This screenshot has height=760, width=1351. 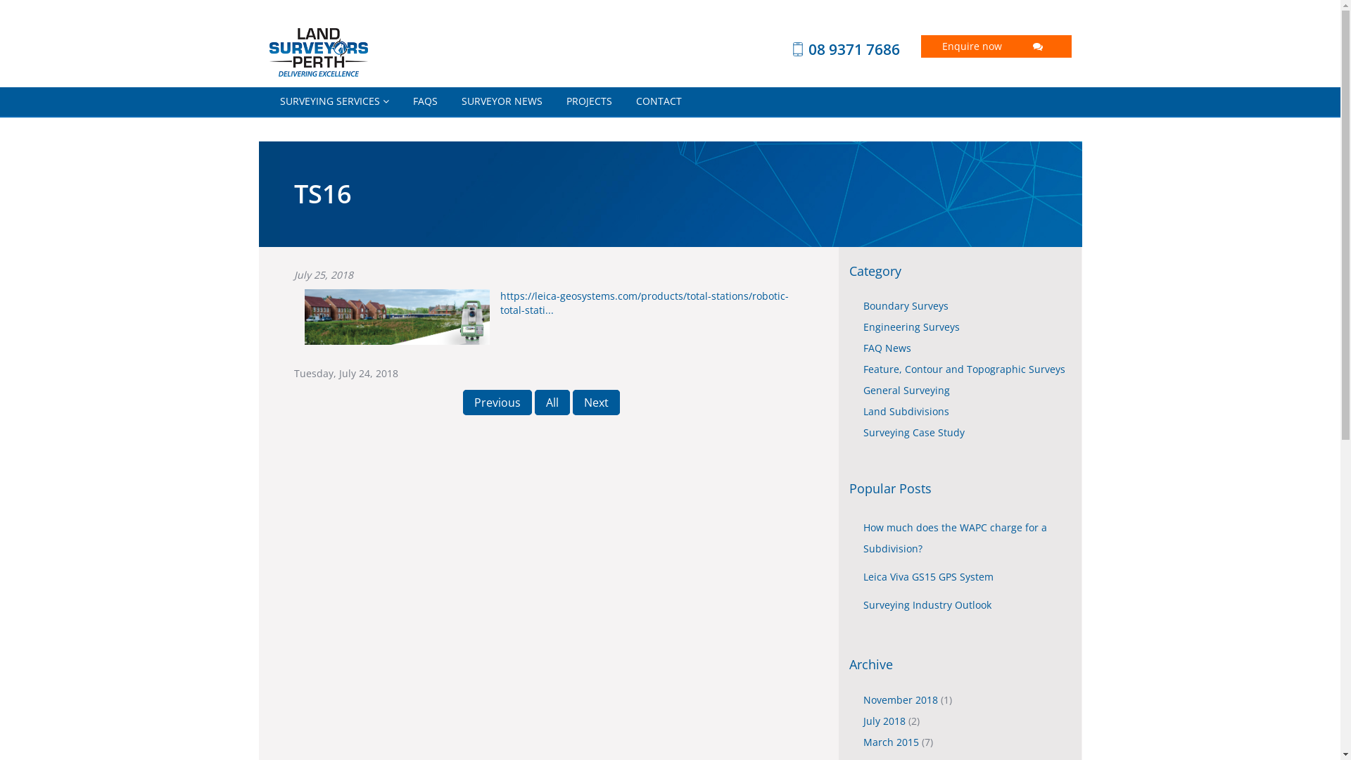 I want to click on 'Enquire now', so click(x=996, y=45).